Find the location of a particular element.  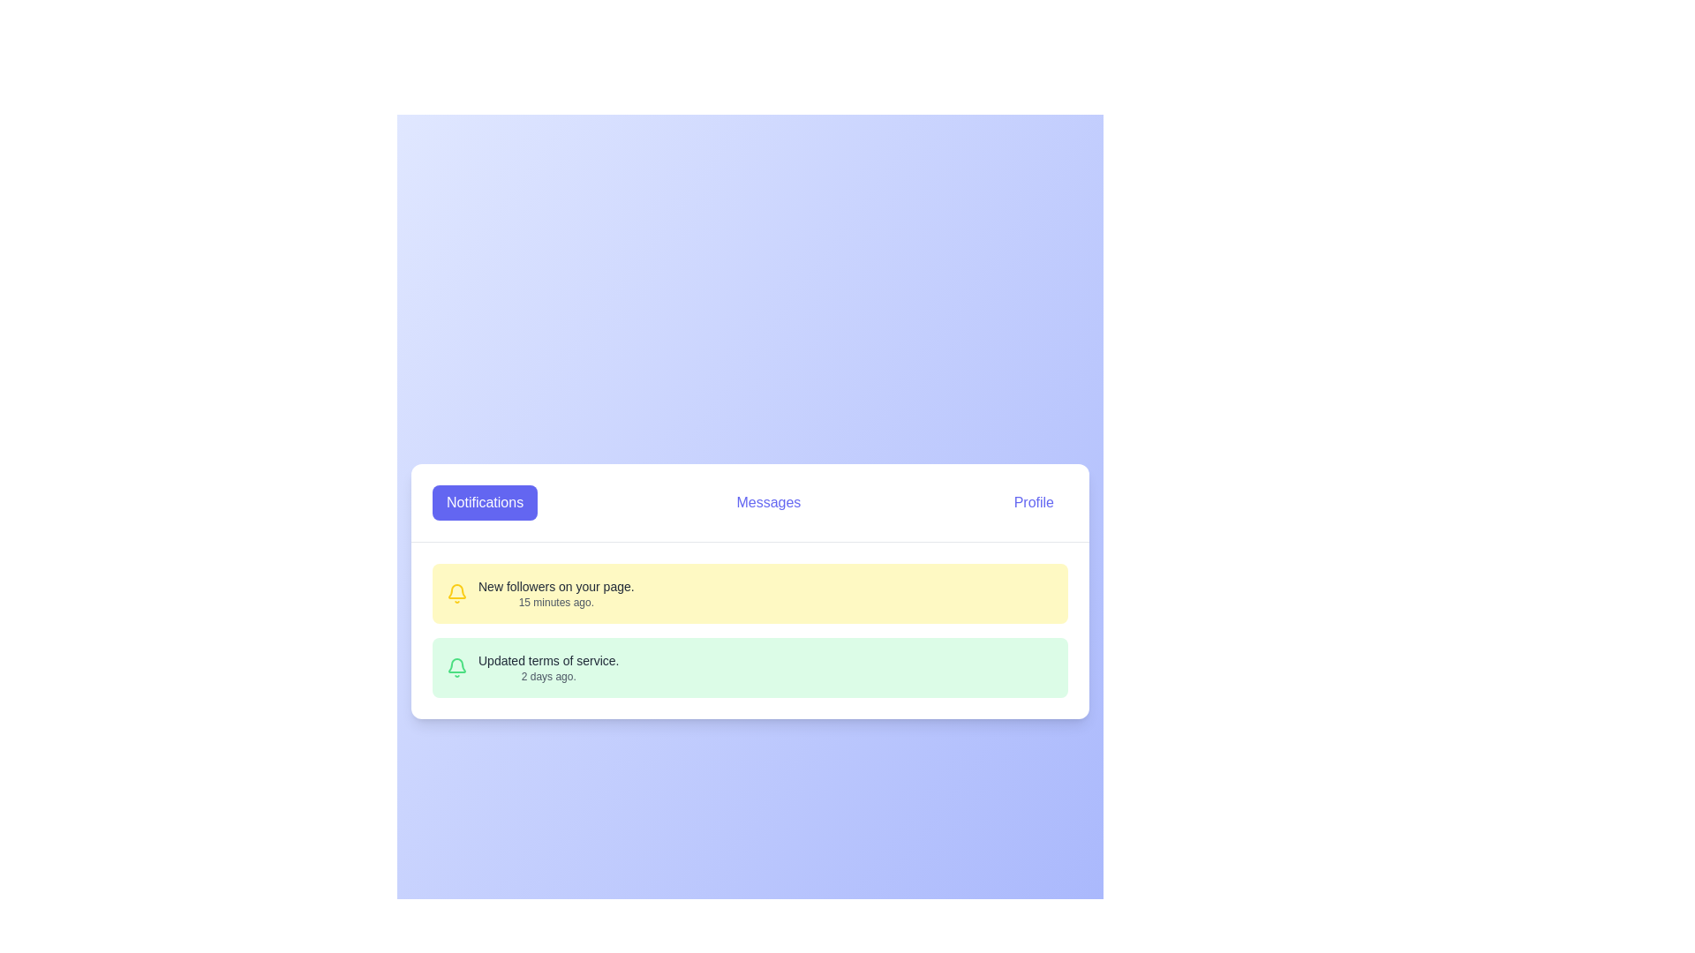

the text label indicating the time of the related notification, located in the bottom-right part of the notification card with a green background, below the text 'Updated terms of service.' is located at coordinates (547, 675).